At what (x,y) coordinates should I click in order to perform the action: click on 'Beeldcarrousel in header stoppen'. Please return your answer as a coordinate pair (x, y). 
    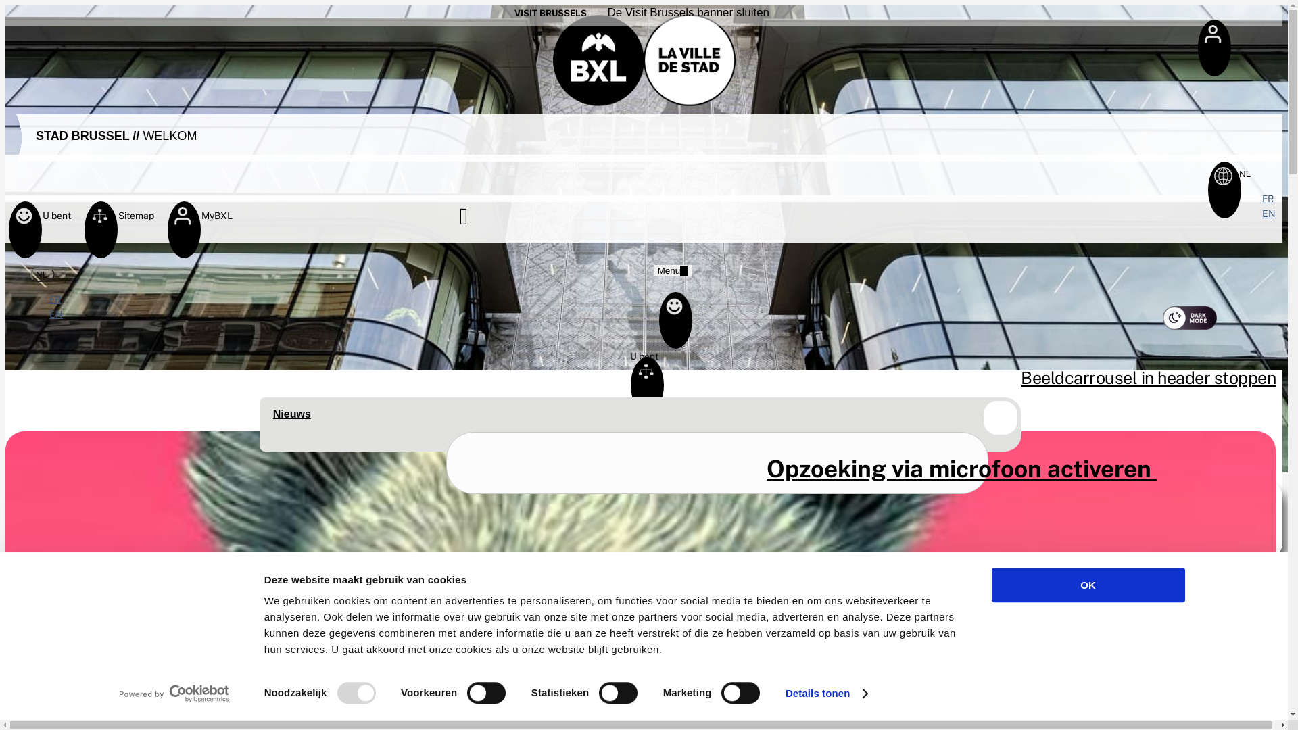
    Looking at the image, I should click on (1147, 381).